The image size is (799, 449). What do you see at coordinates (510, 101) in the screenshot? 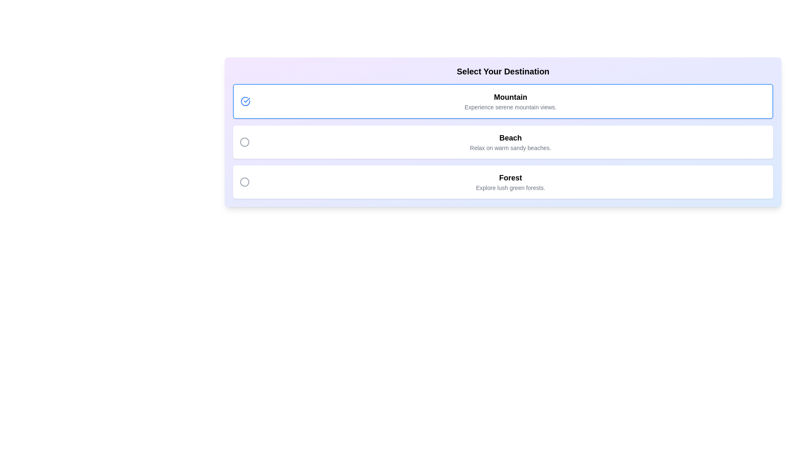
I see `text content of the Text Block containing the title 'Mountain' and the description 'Experience serene mountain views.'` at bounding box center [510, 101].